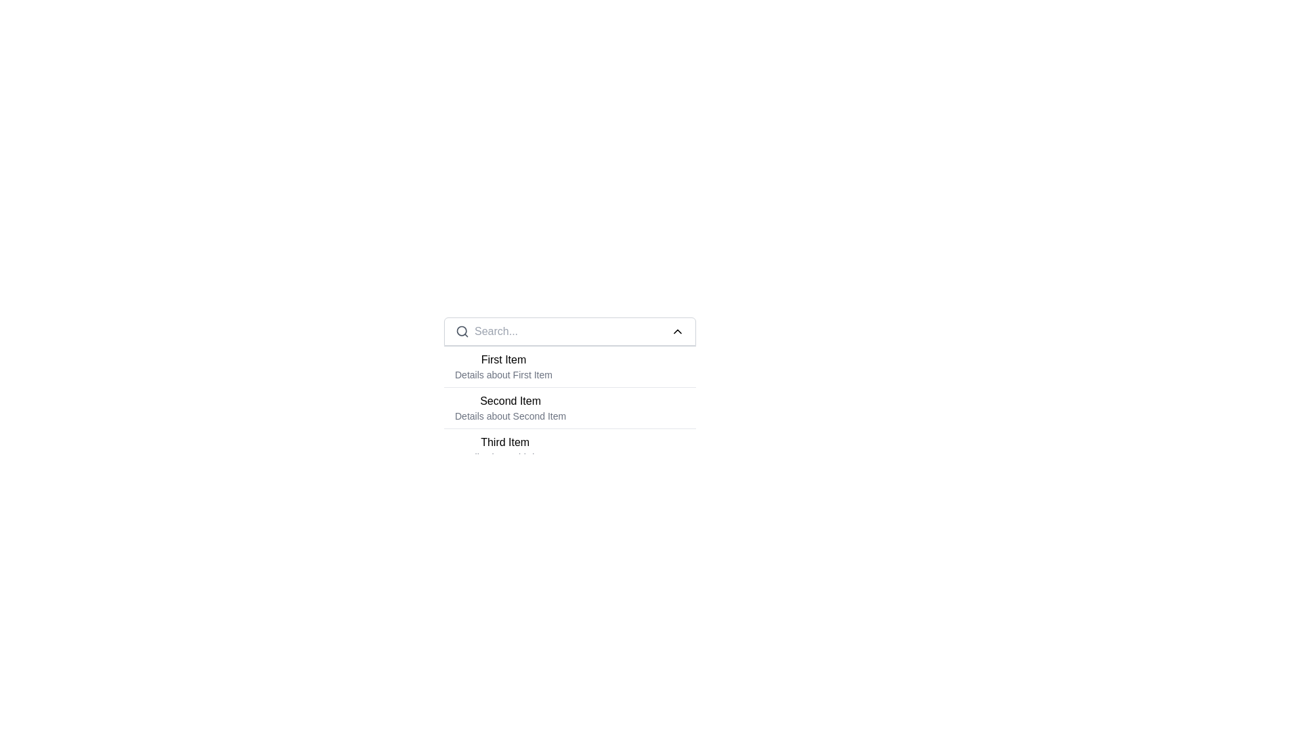 This screenshot has height=731, width=1300. Describe the element at coordinates (504, 449) in the screenshot. I see `the text display component that shows 'Third Item' in bold and 'Details about Third Item' in lighter text, which is the third item in a vertically listed group of similar elements` at that location.